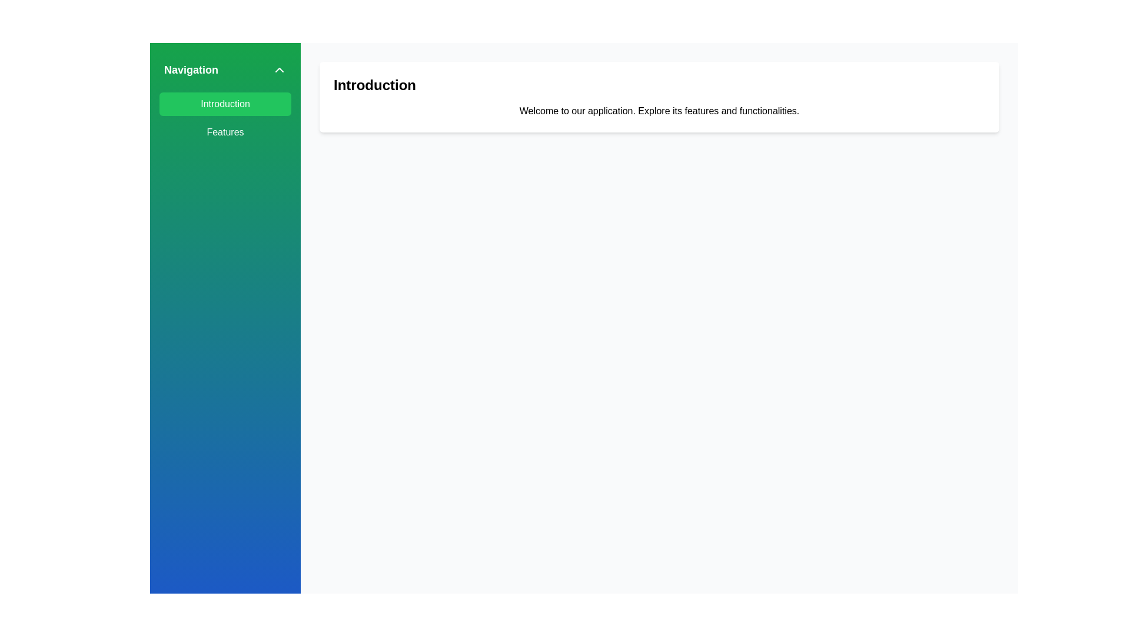 The image size is (1130, 636). I want to click on the 'Introduction' button, which is a green button with rounded corners located at the top of the vertical navigation menu on the left side of the interface, so click(225, 104).